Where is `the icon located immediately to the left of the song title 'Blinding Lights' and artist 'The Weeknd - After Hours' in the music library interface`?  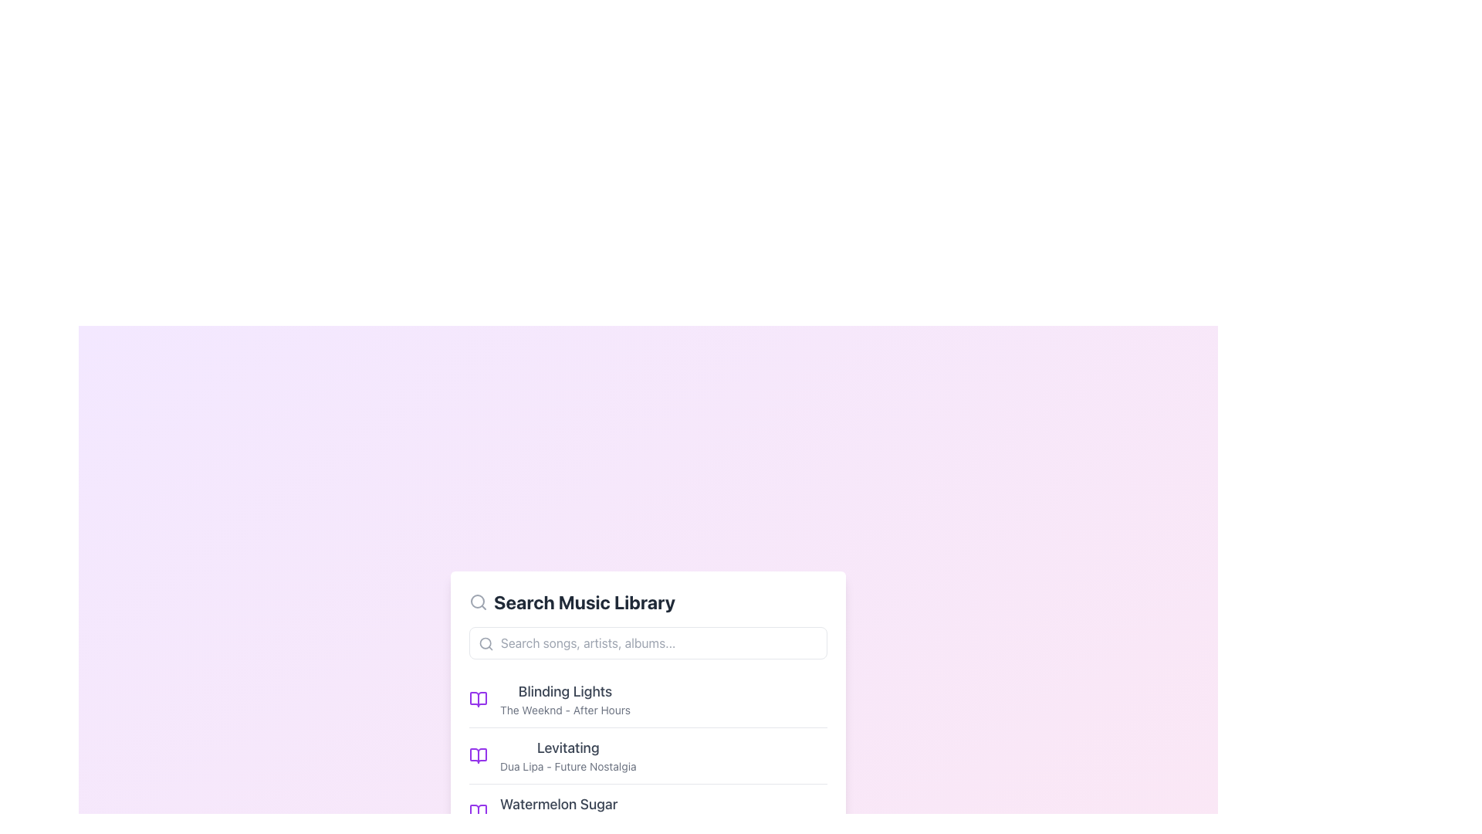
the icon located immediately to the left of the song title 'Blinding Lights' and artist 'The Weeknd - After Hours' in the music library interface is located at coordinates (477, 699).